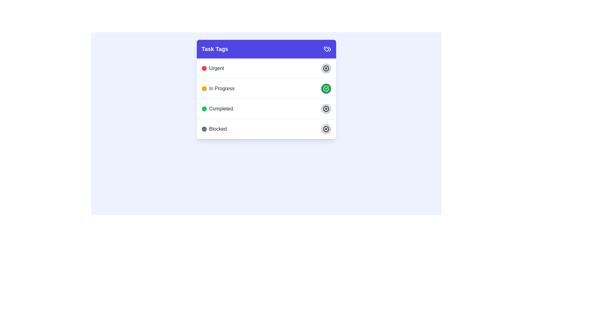  What do you see at coordinates (266, 68) in the screenshot?
I see `the 'Urgent' category indicator in the first row of the 'Task Tags' list` at bounding box center [266, 68].